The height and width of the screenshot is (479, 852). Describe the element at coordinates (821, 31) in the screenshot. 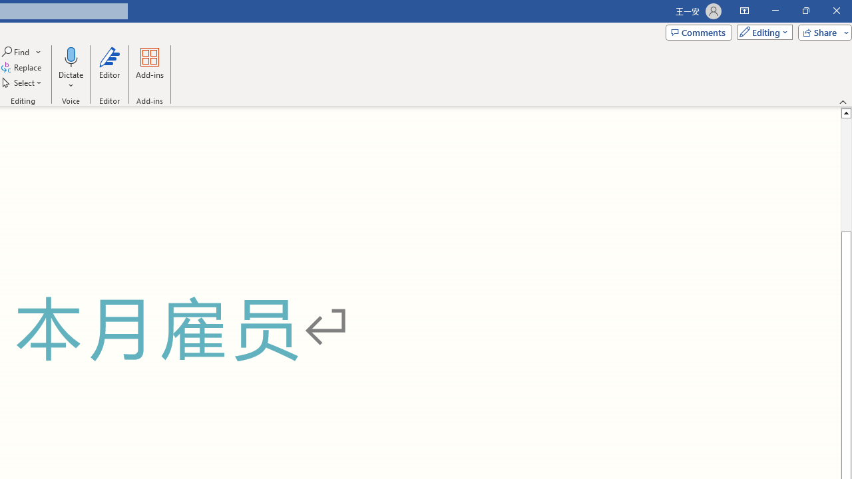

I see `'Share'` at that location.